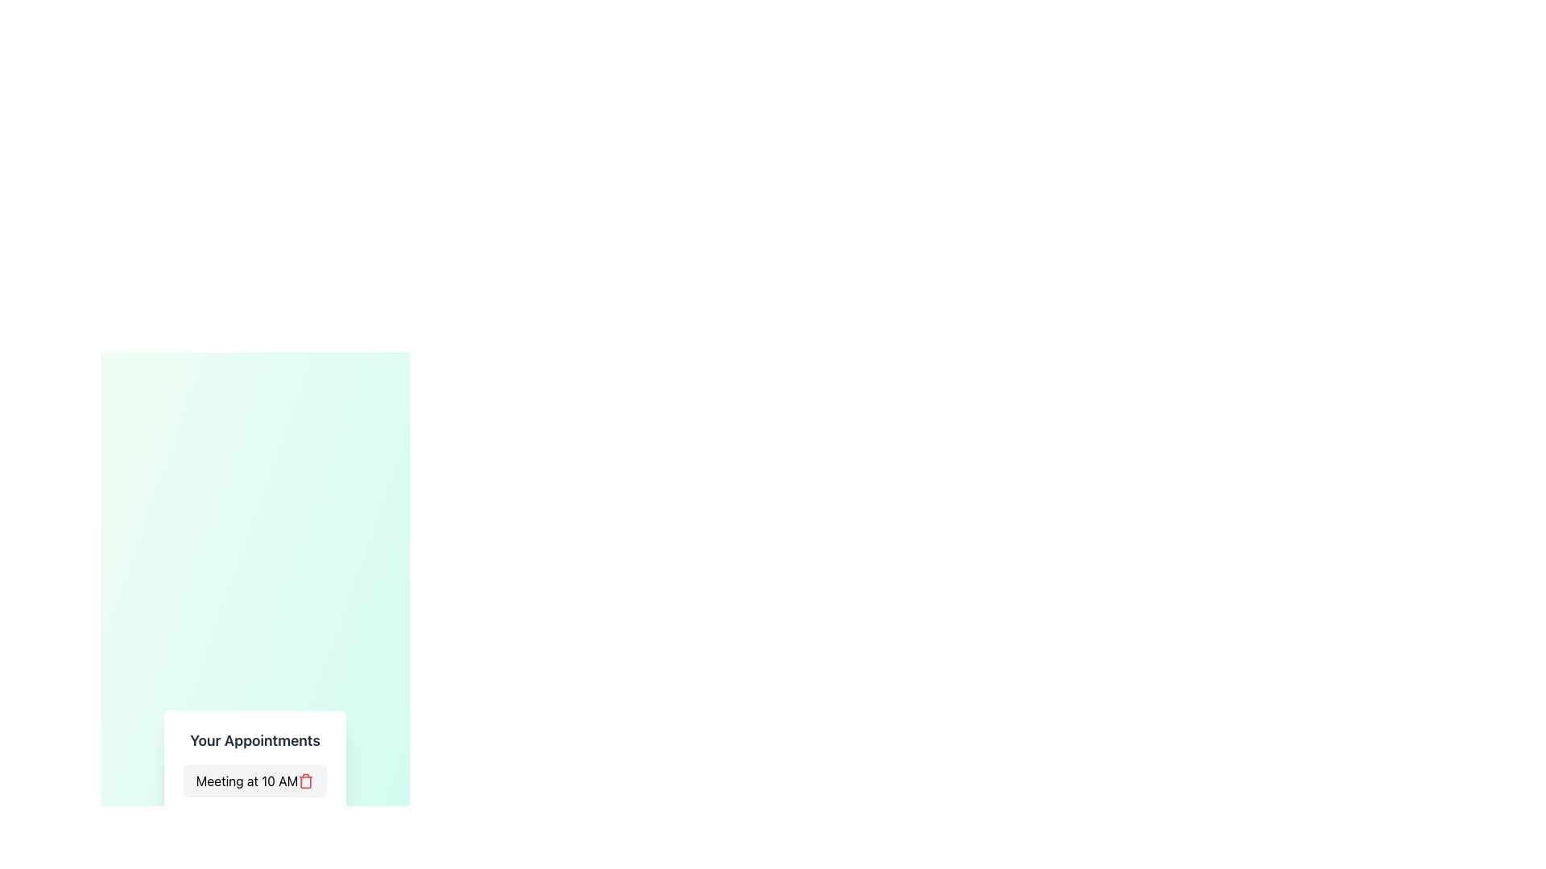  What do you see at coordinates (246, 780) in the screenshot?
I see `the Text Label displaying 'Meeting at 10 AM', which is part of a horizontally split layout with a rounded background` at bounding box center [246, 780].